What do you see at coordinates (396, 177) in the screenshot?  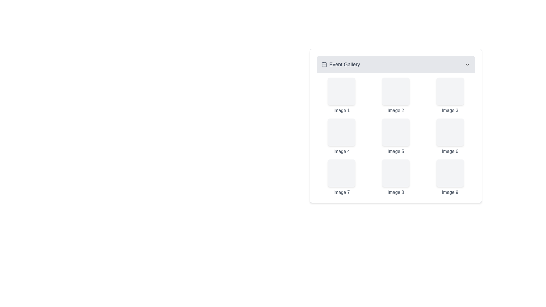 I see `the interactive image box in the Event Gallery grid, which is the eighth item located in the 3x3 grid structure` at bounding box center [396, 177].